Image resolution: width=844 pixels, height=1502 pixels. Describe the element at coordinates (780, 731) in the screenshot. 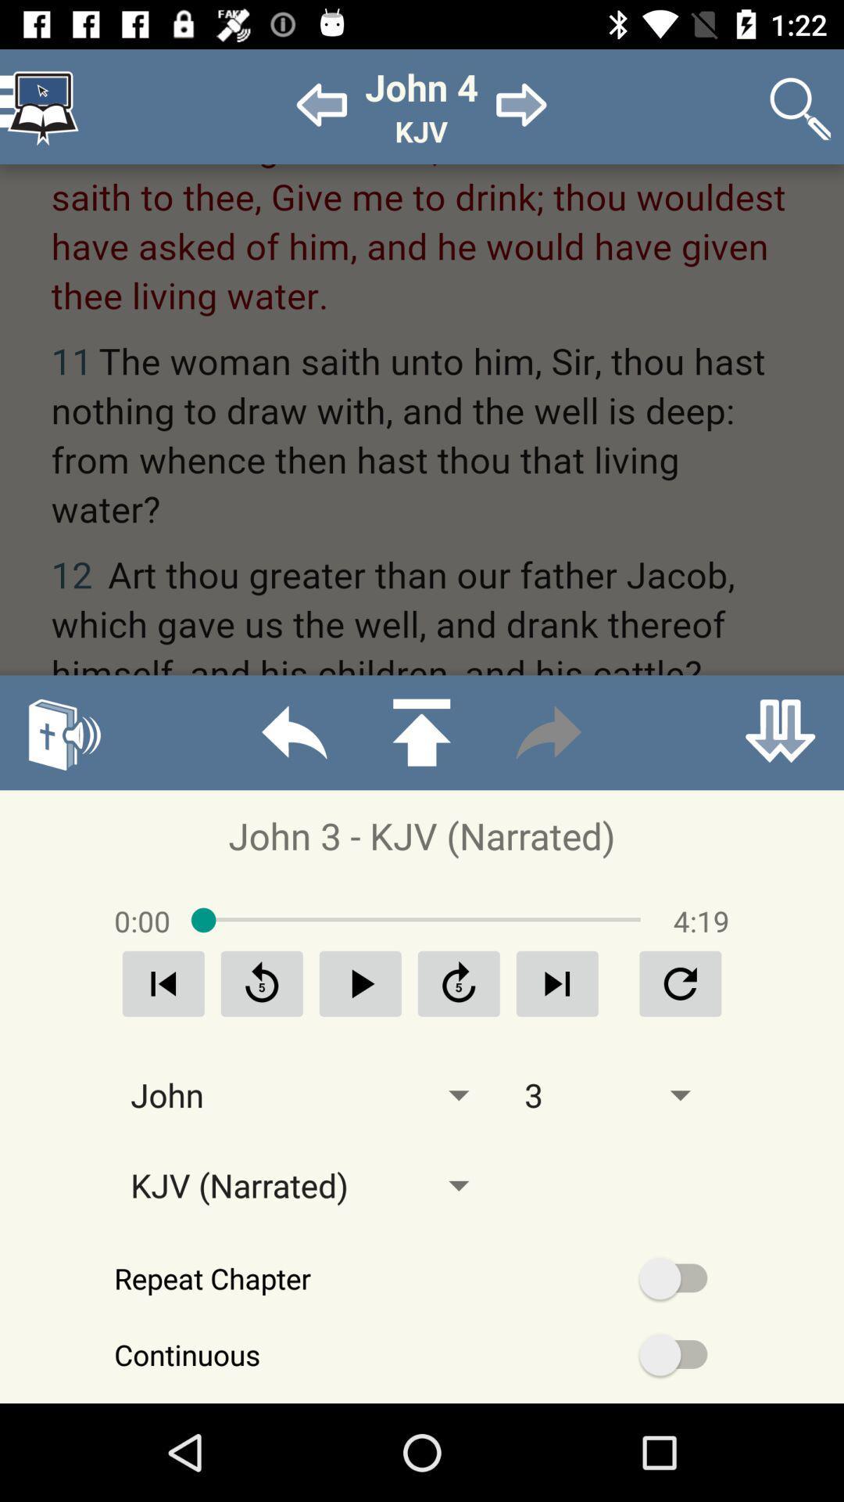

I see `minimize window` at that location.